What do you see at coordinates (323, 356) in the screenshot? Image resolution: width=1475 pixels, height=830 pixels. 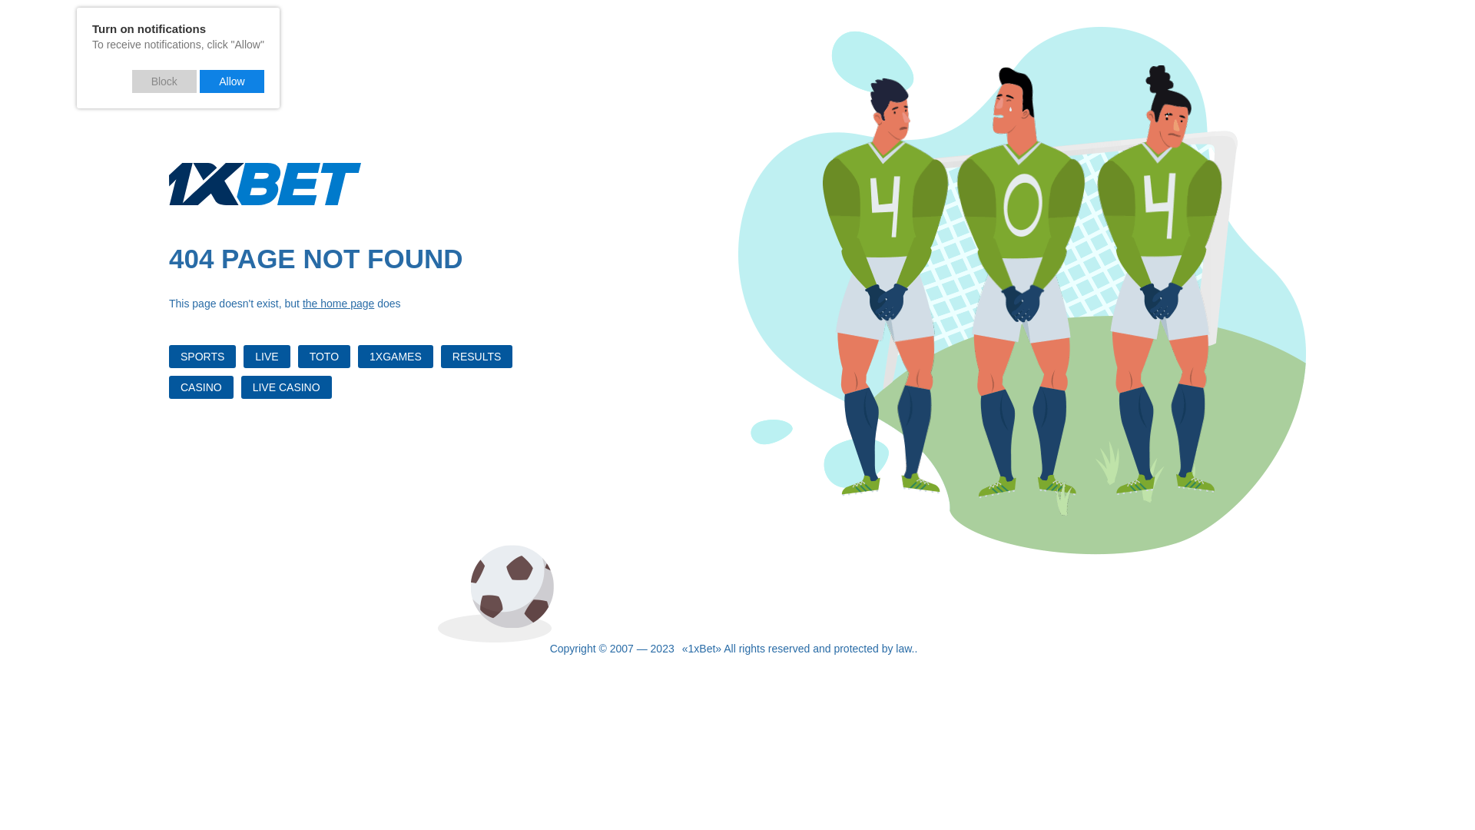 I see `'TOTO'` at bounding box center [323, 356].